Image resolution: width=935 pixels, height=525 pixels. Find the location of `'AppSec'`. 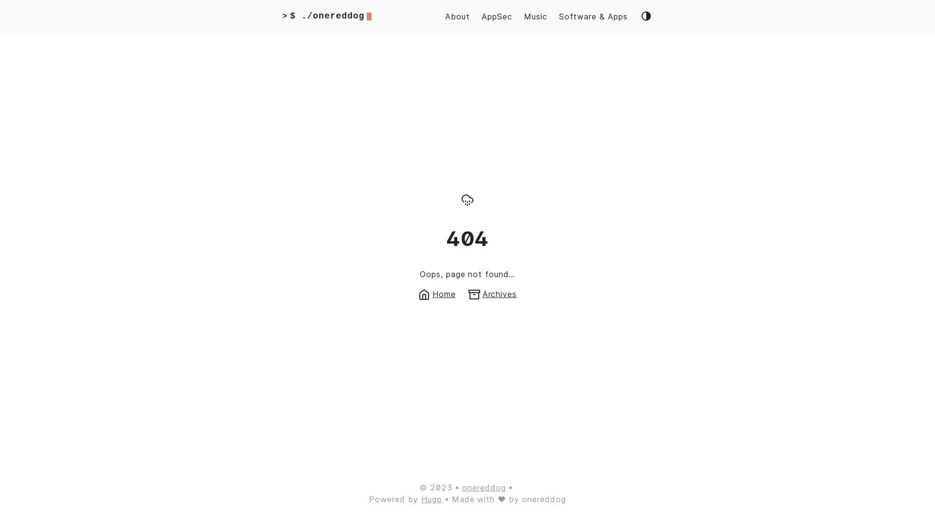

'AppSec' is located at coordinates (497, 17).